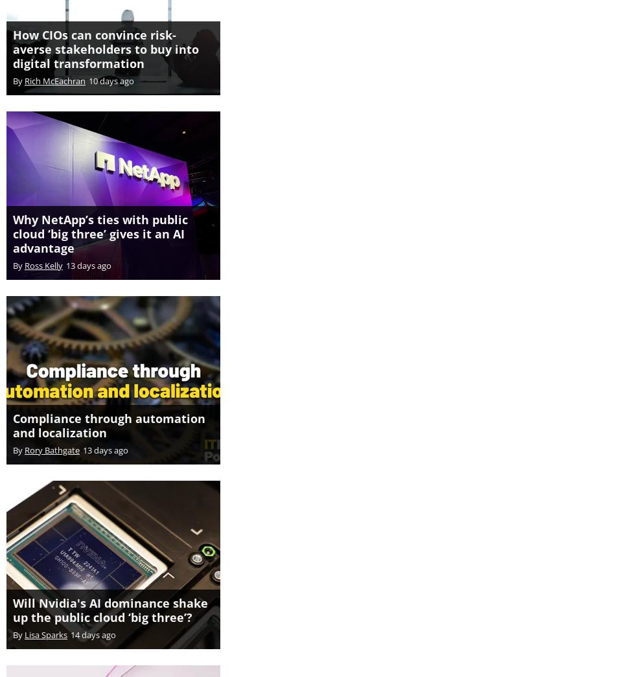 The width and height of the screenshot is (635, 677). Describe the element at coordinates (25, 437) in the screenshot. I see `'Rory Bathgate'` at that location.